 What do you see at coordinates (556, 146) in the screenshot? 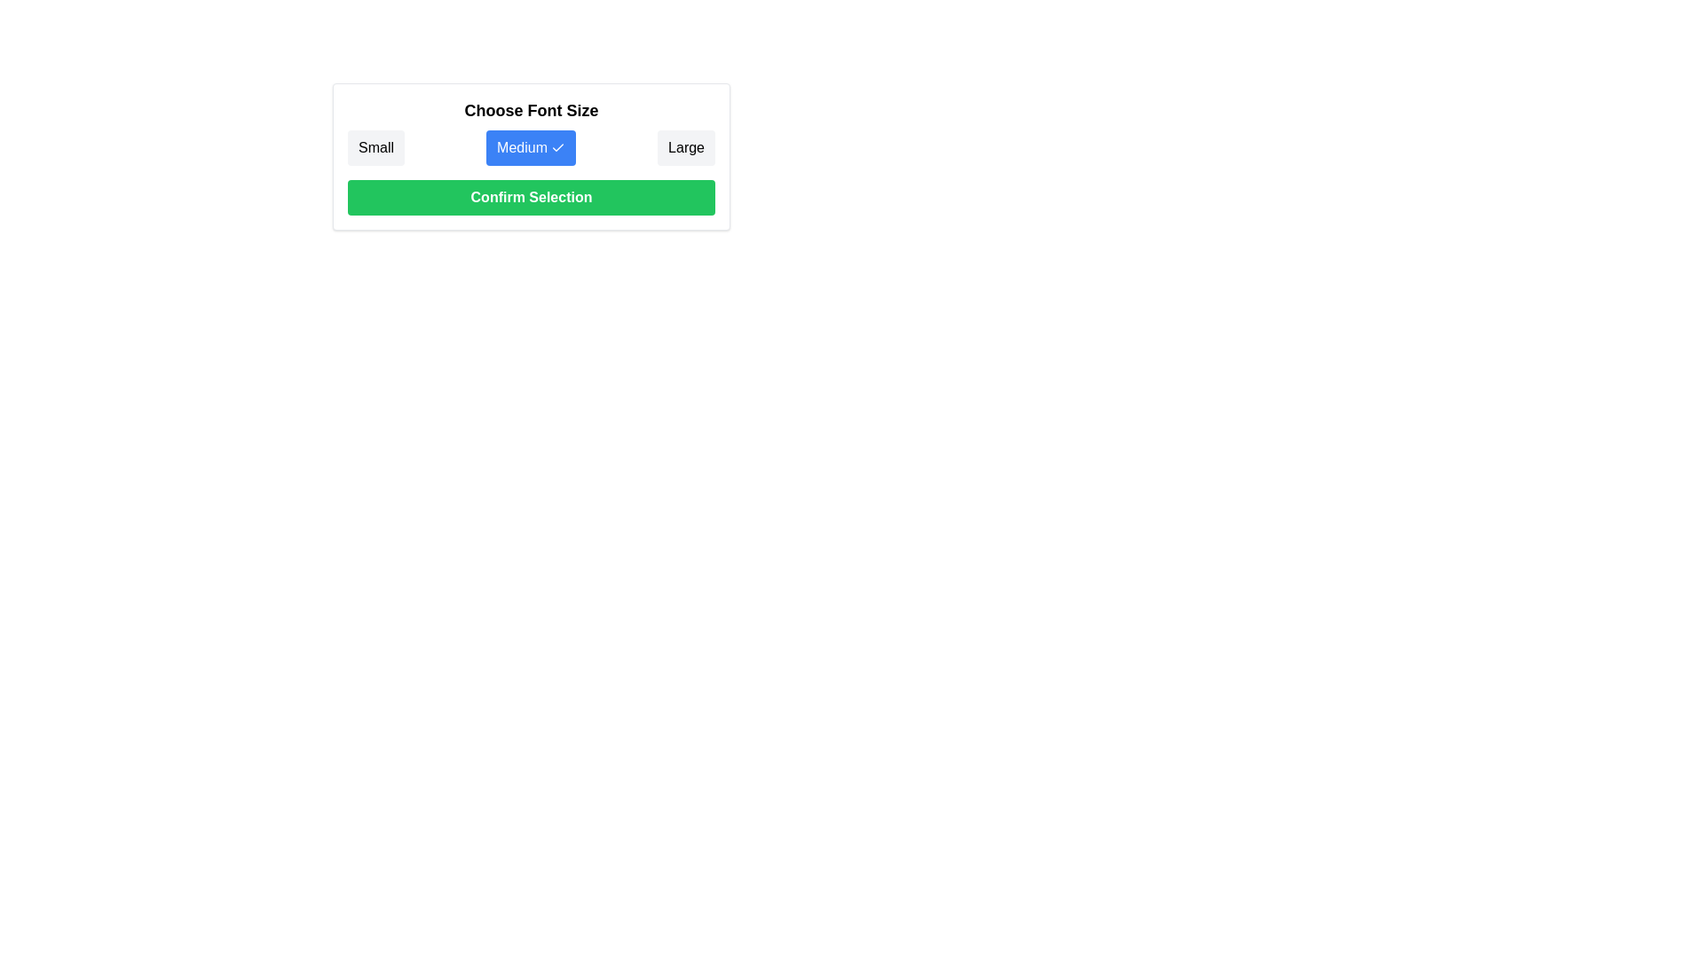
I see `the icon indicating the selection status of the 'Medium' font size option, which is visually represented within the 'Medium' button, affirming it as the currently chosen option` at bounding box center [556, 146].